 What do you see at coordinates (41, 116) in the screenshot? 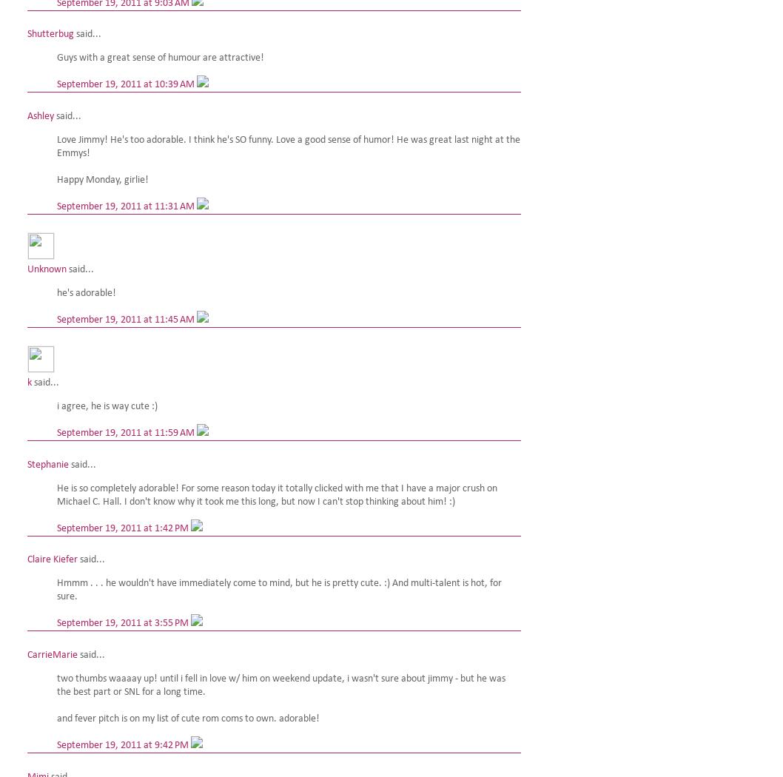
I see `'Ashley'` at bounding box center [41, 116].